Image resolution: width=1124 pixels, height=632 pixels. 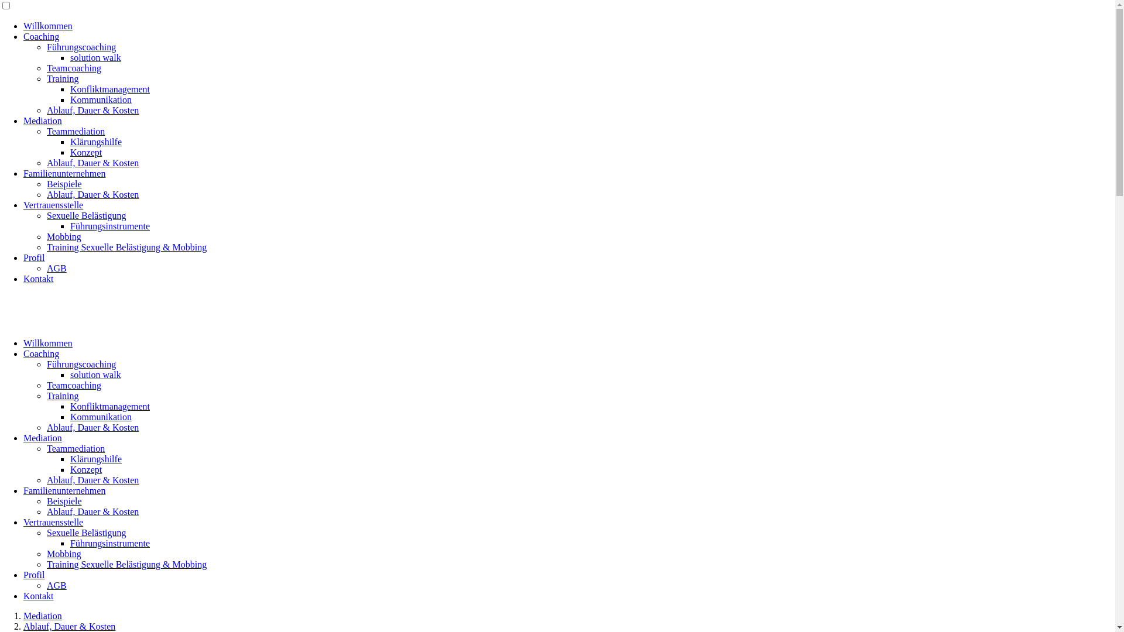 What do you see at coordinates (109, 406) in the screenshot?
I see `'Konfliktmanagement'` at bounding box center [109, 406].